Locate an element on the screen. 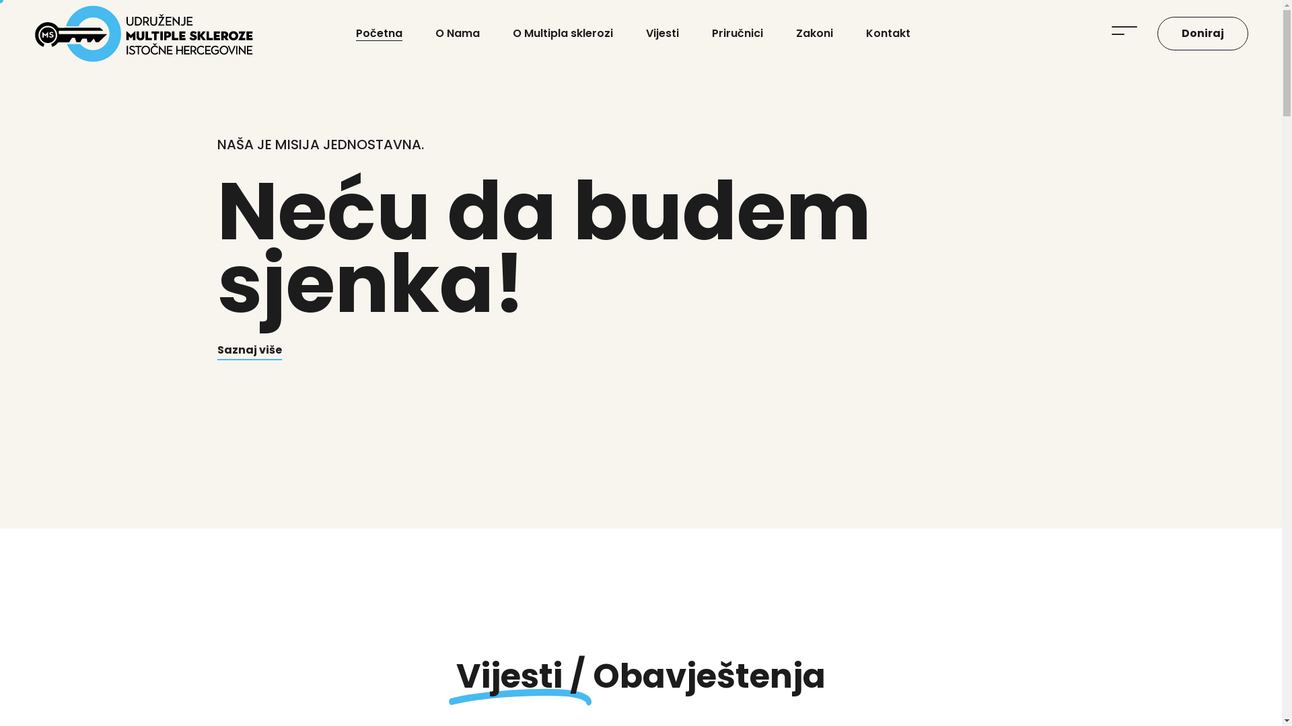  'O Multipla sklerozi' is located at coordinates (512, 33).